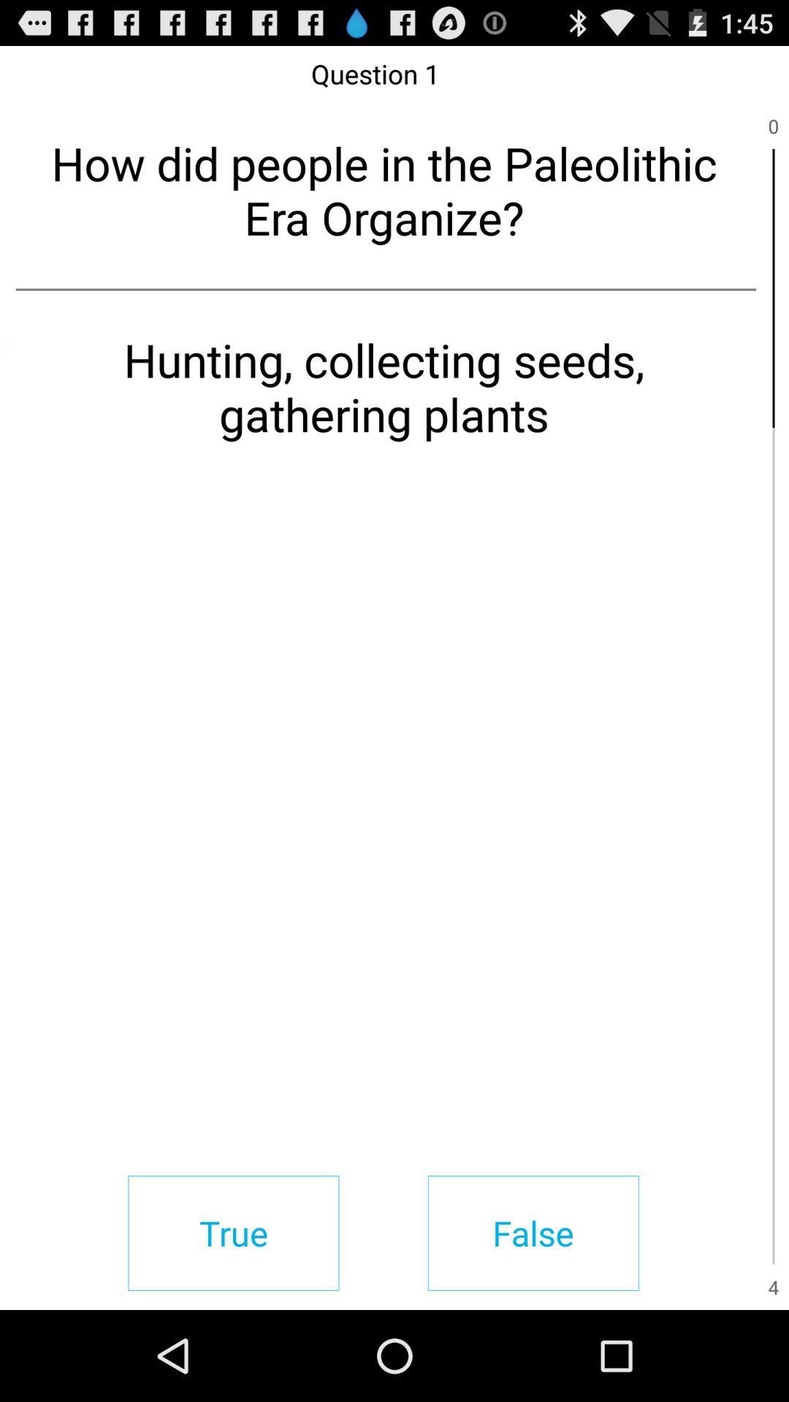 Image resolution: width=789 pixels, height=1402 pixels. Describe the element at coordinates (232, 1233) in the screenshot. I see `true item` at that location.